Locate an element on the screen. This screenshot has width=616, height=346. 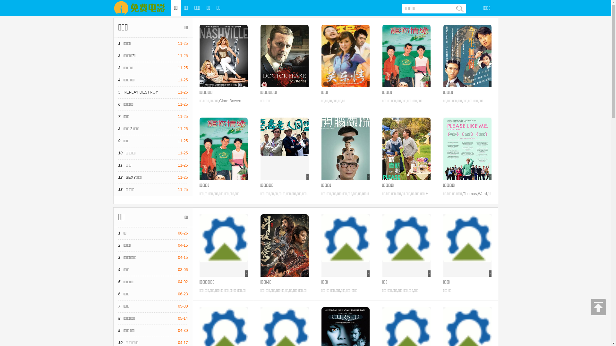
'11-25 is located at coordinates (152, 92).